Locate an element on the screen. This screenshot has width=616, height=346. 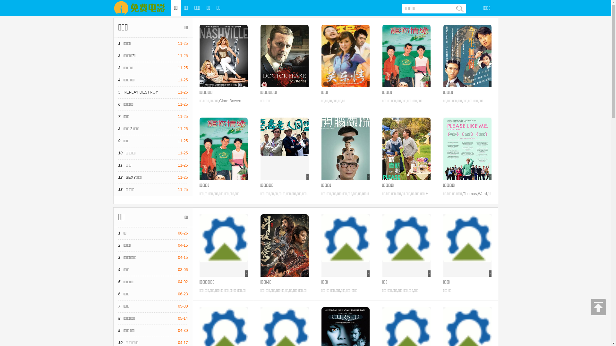
'11-25 is located at coordinates (152, 92).